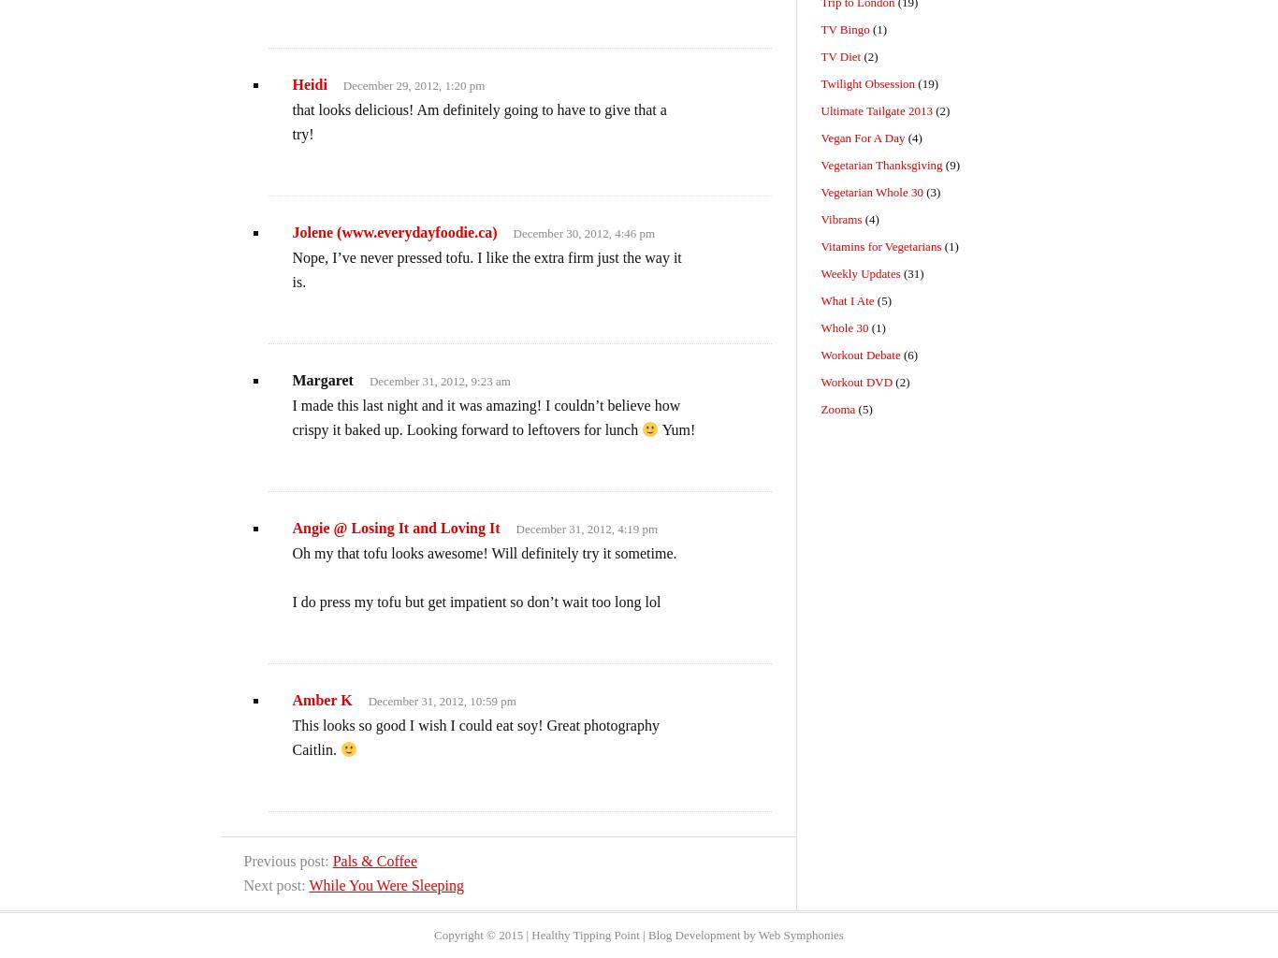 Image resolution: width=1278 pixels, height=958 pixels. What do you see at coordinates (876, 110) in the screenshot?
I see `'Ultimate Tailgate 2013'` at bounding box center [876, 110].